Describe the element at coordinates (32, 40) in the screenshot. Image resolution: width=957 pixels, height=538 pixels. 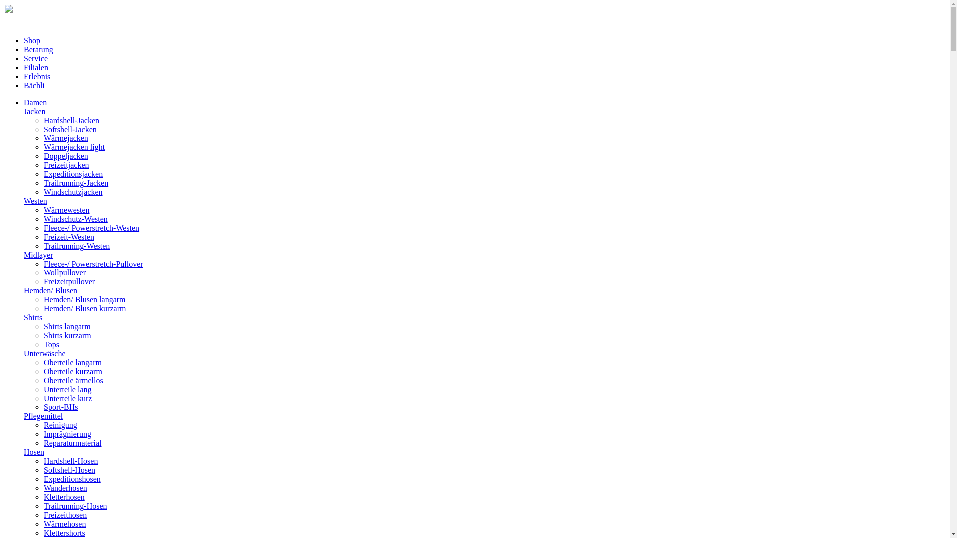
I see `'Shop'` at that location.